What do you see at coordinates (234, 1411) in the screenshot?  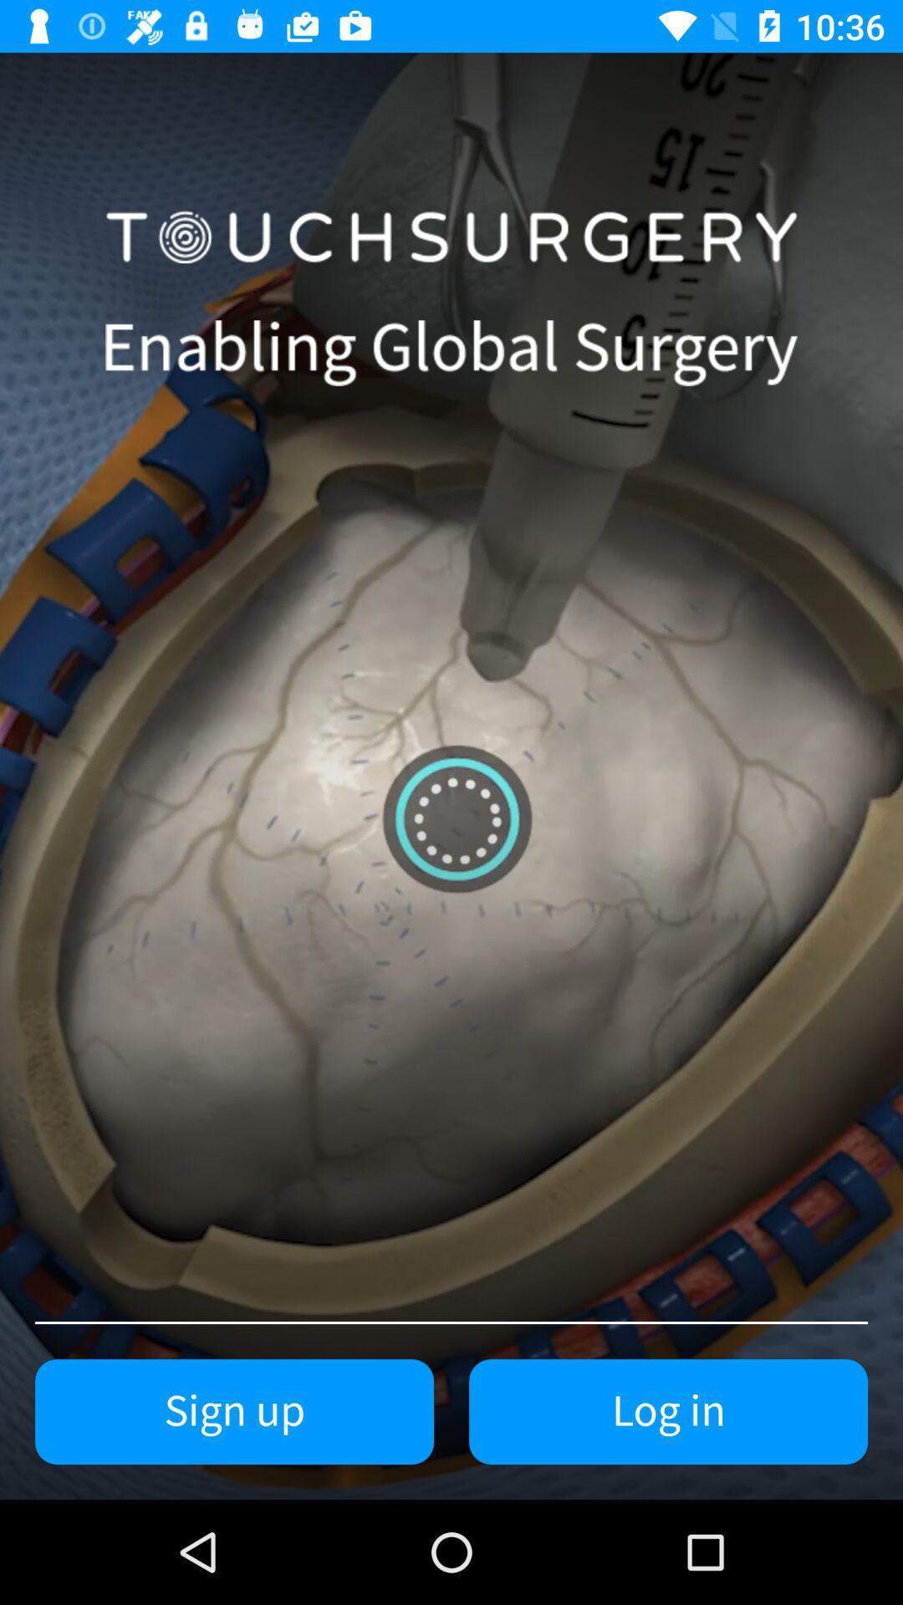 I see `the sign up icon` at bounding box center [234, 1411].